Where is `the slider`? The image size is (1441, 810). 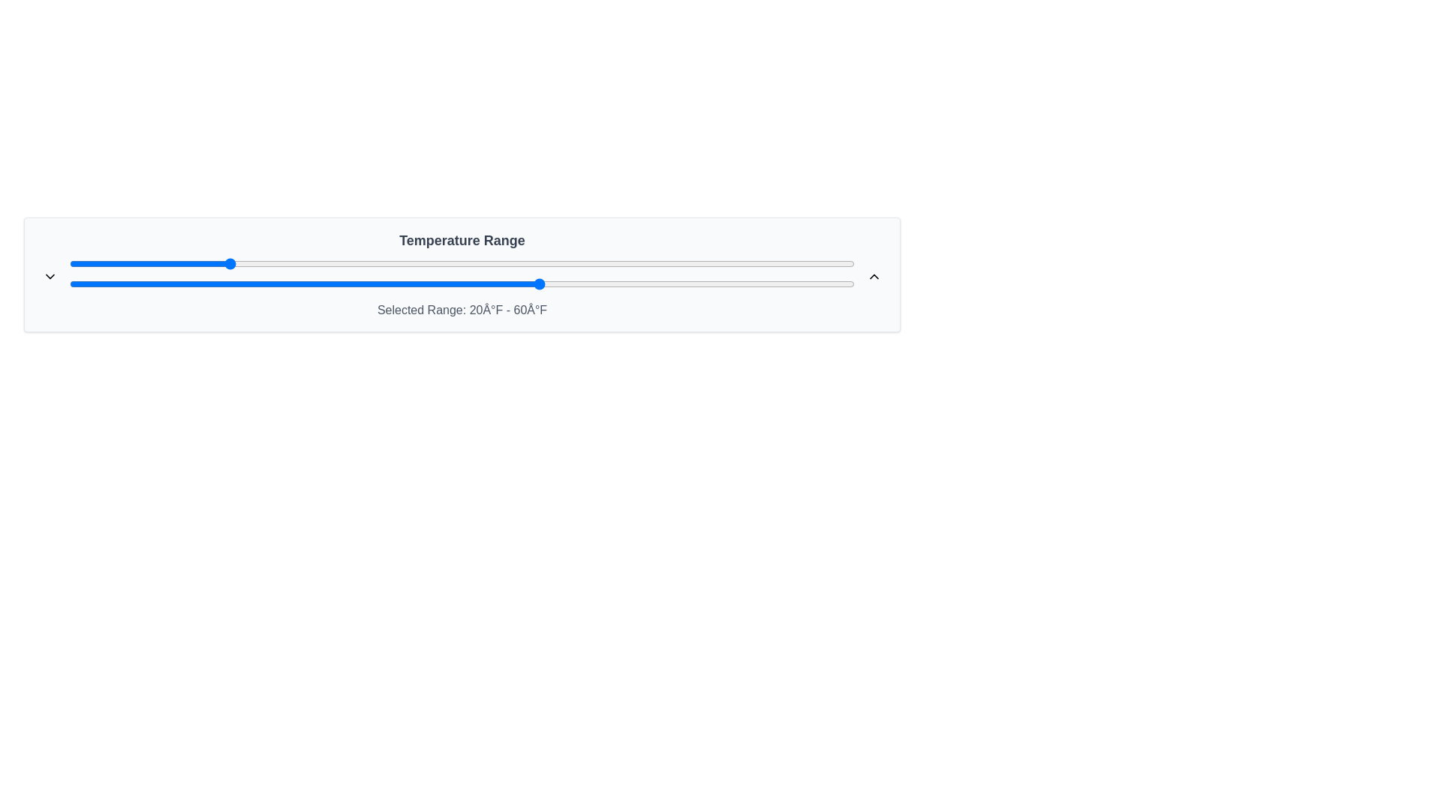 the slider is located at coordinates (132, 283).